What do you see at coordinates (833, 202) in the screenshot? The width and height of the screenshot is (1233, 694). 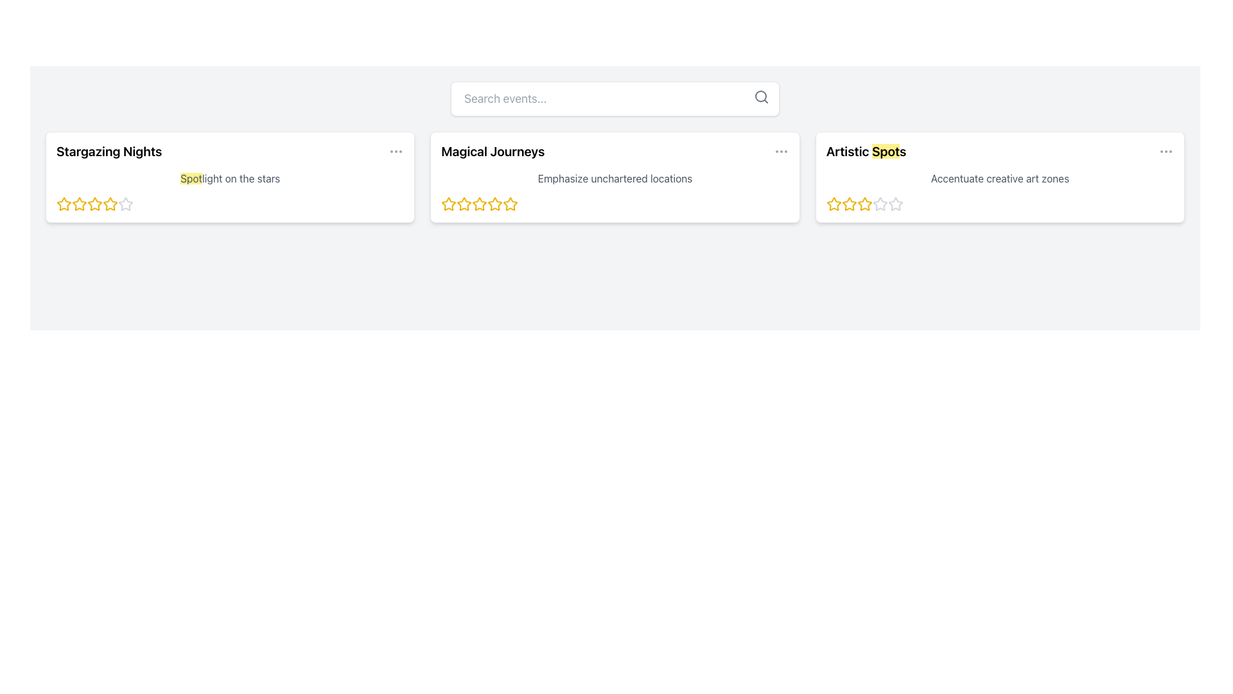 I see `the first star icon in the five-star rating system` at bounding box center [833, 202].